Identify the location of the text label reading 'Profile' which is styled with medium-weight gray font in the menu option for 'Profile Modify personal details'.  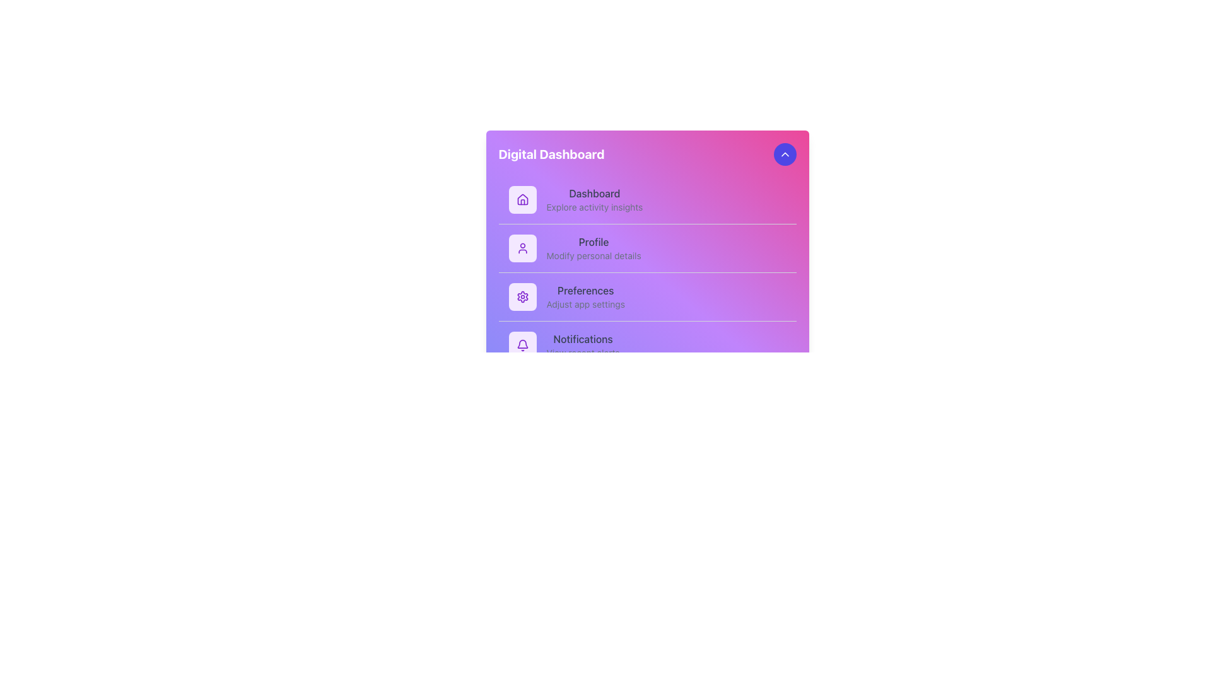
(593, 242).